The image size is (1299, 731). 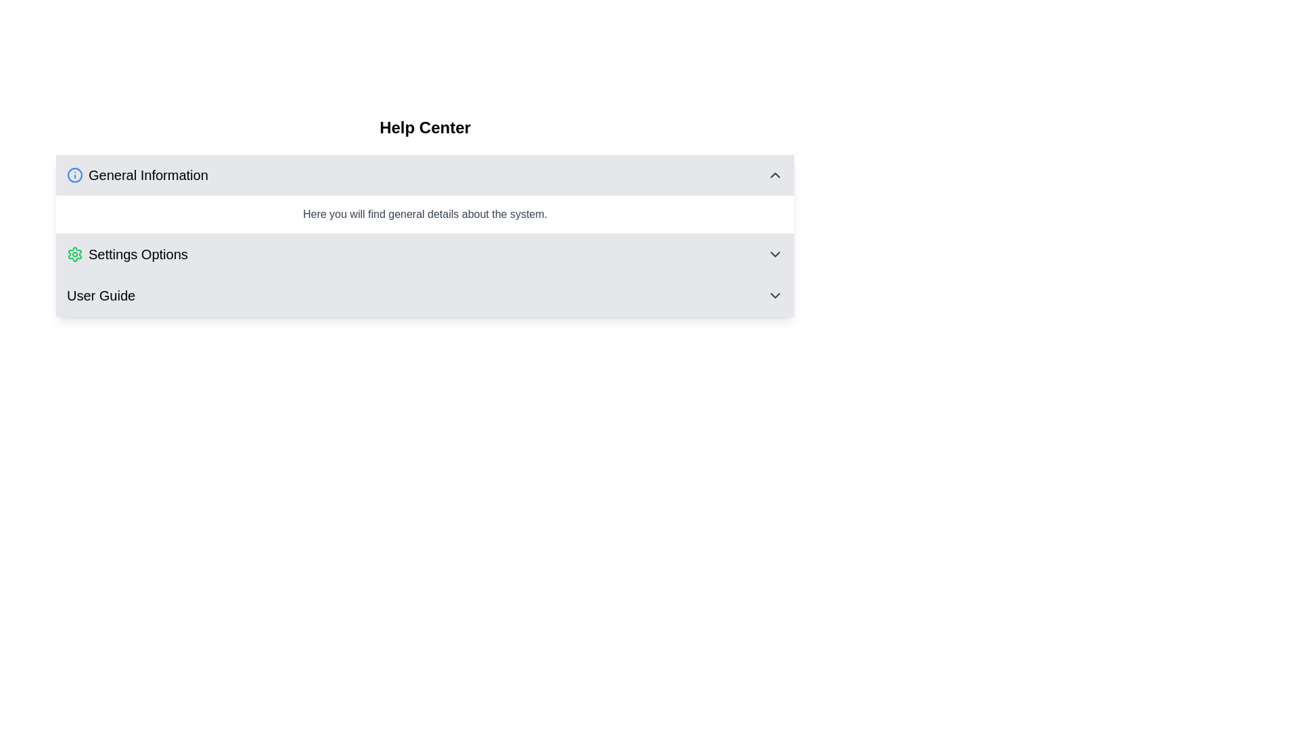 What do you see at coordinates (138, 254) in the screenshot?
I see `the 'Settings Options' label which is styled with a bold font and positioned next to a settings icon in the middle section of the vertical list` at bounding box center [138, 254].